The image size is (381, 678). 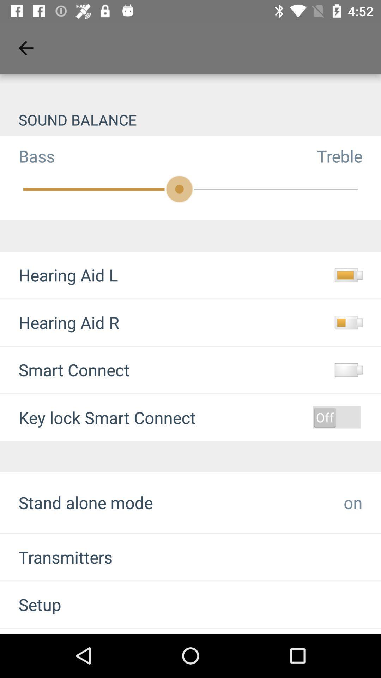 I want to click on item above bass, so click(x=190, y=120).